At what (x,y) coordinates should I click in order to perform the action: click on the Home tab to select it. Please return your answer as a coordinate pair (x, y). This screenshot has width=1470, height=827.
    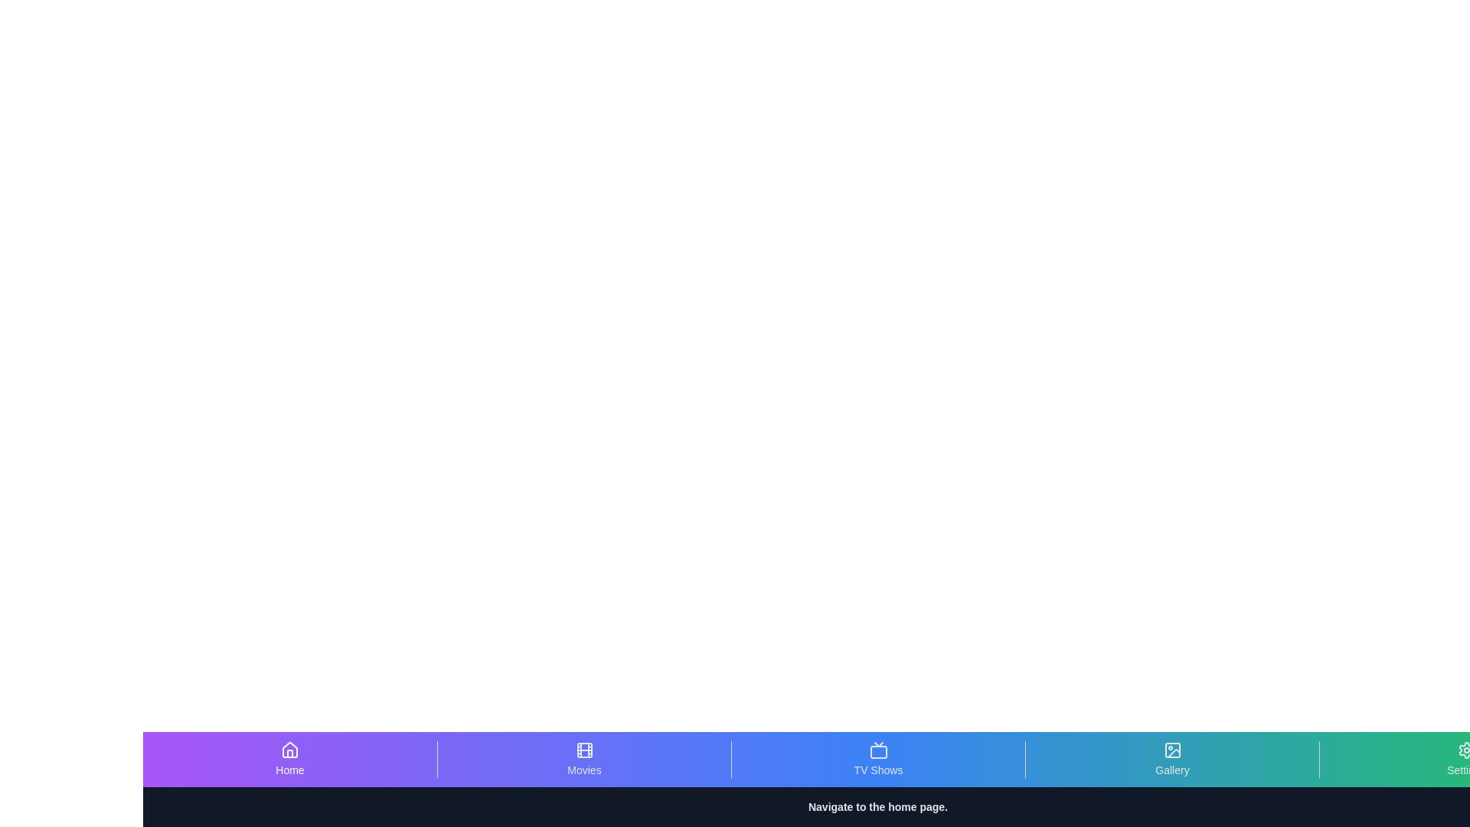
    Looking at the image, I should click on (290, 759).